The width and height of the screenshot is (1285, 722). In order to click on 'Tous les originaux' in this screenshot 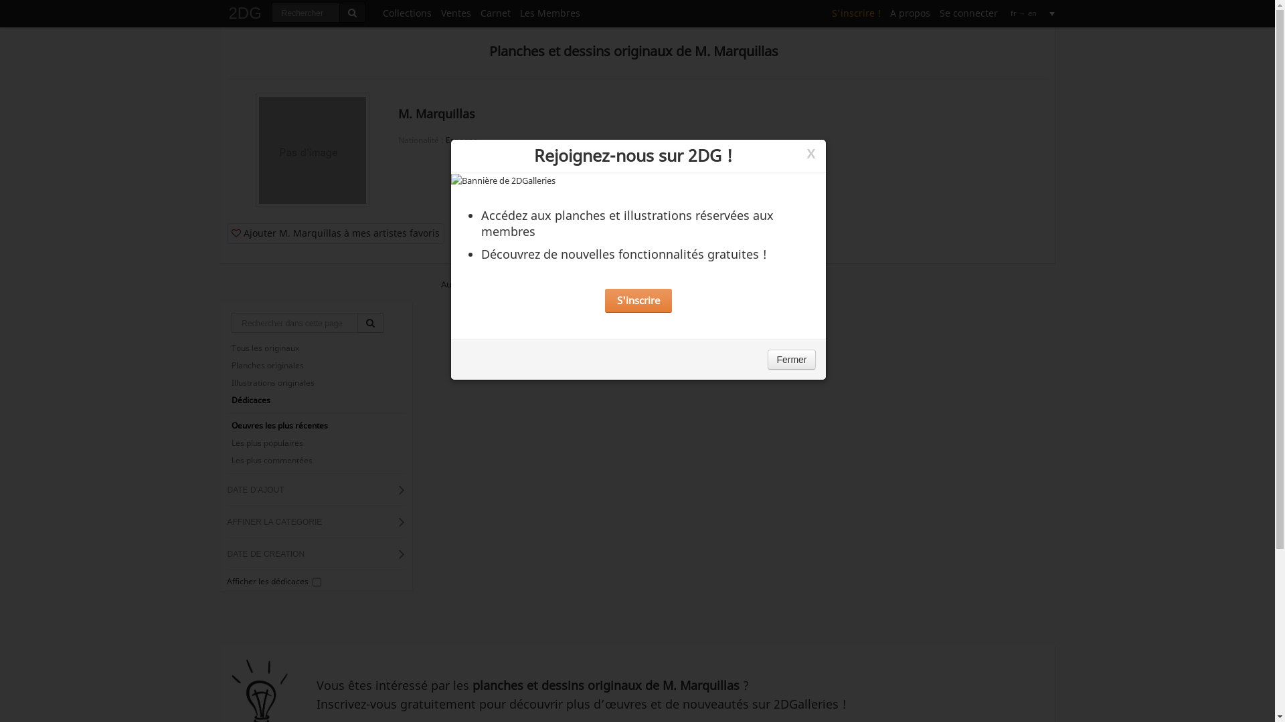, I will do `click(315, 347)`.